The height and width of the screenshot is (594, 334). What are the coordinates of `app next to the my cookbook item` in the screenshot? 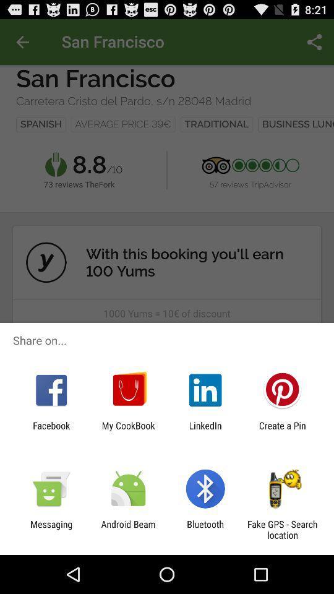 It's located at (205, 431).